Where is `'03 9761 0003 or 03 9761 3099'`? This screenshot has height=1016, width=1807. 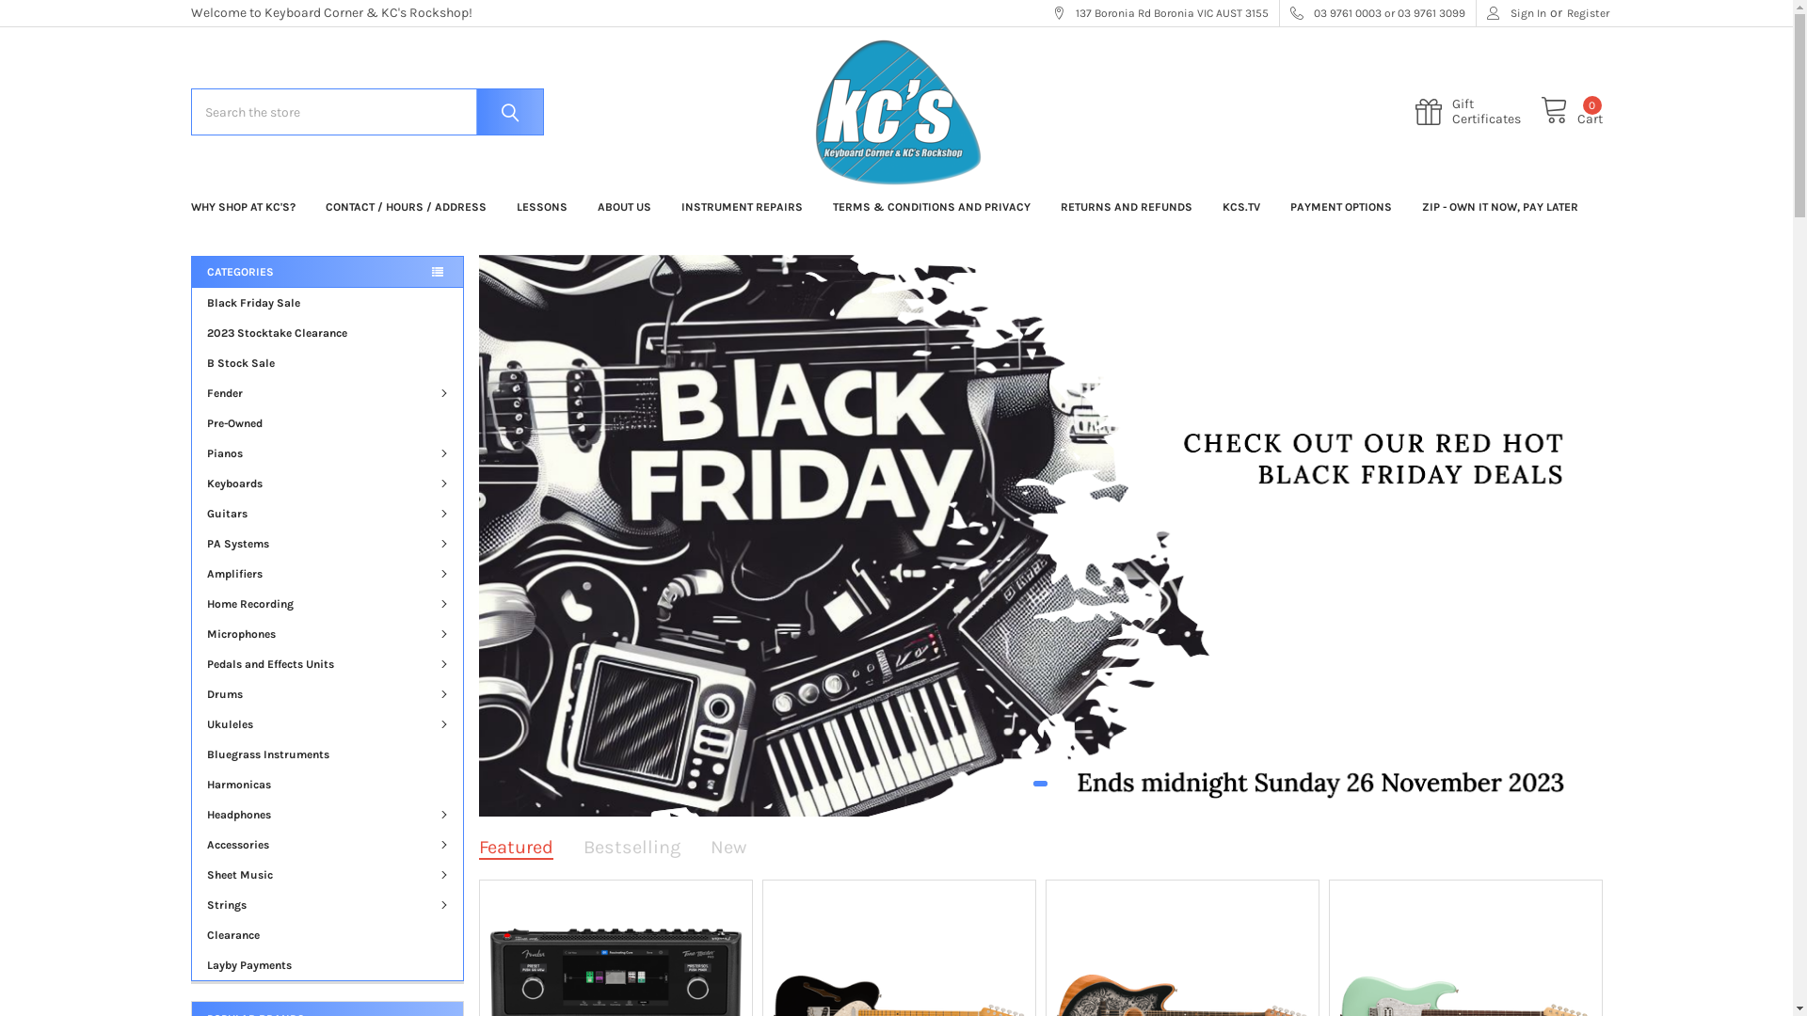 '03 9761 0003 or 03 9761 3099' is located at coordinates (1378, 13).